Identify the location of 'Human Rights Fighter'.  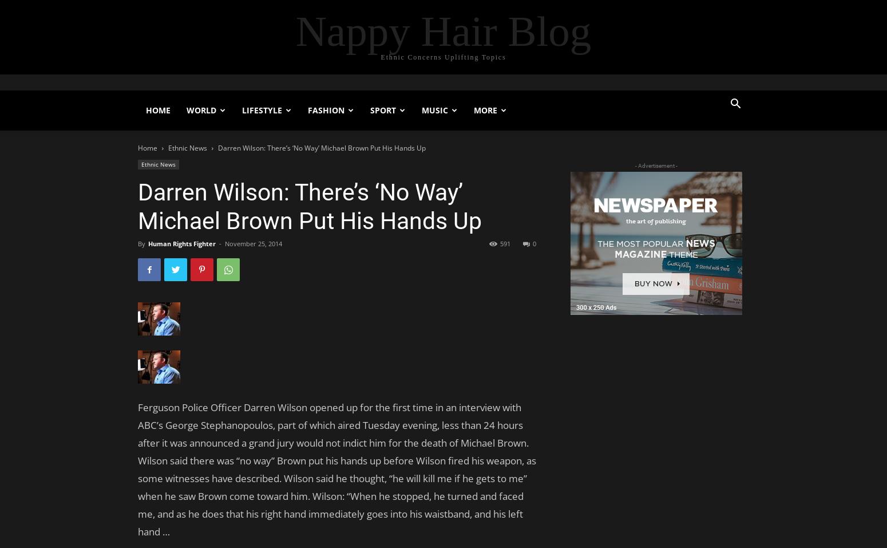
(148, 243).